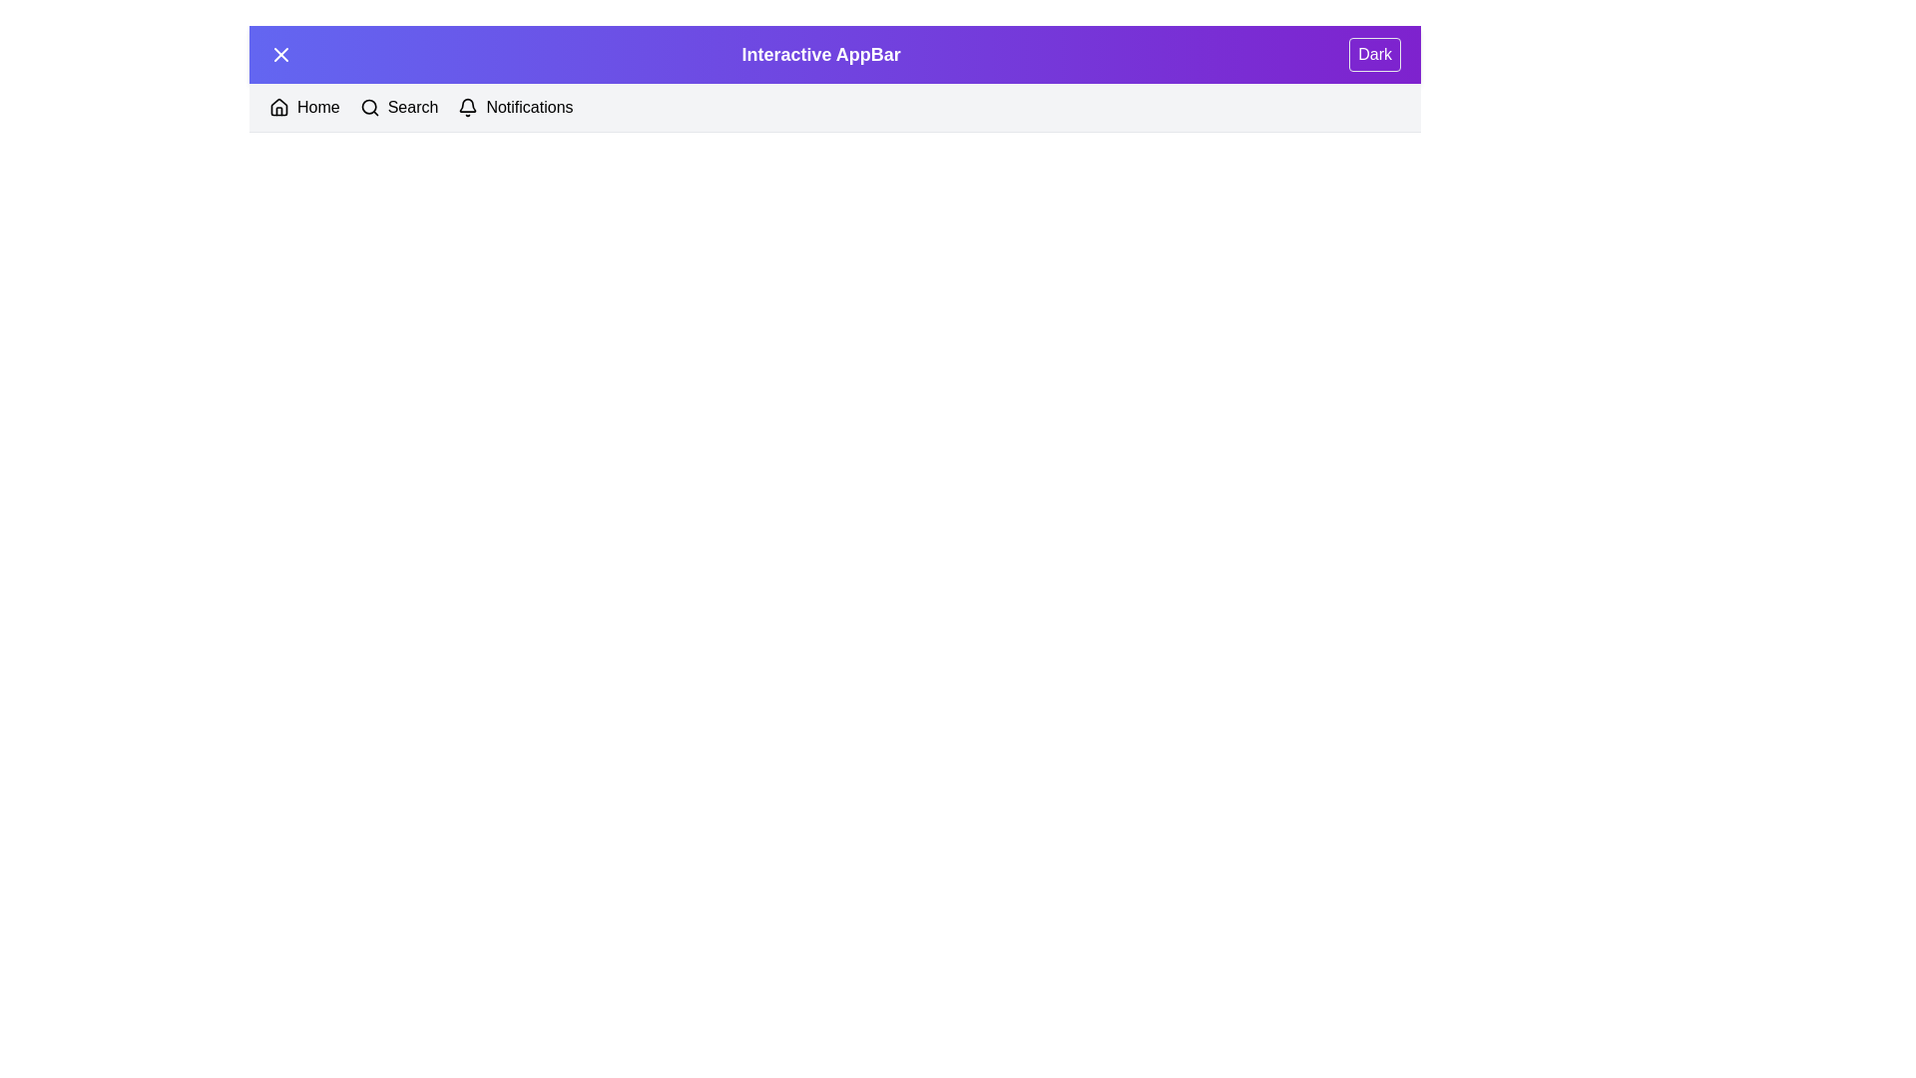 Image resolution: width=1916 pixels, height=1078 pixels. Describe the element at coordinates (398, 108) in the screenshot. I see `the 'Search' section to navigate to it` at that location.